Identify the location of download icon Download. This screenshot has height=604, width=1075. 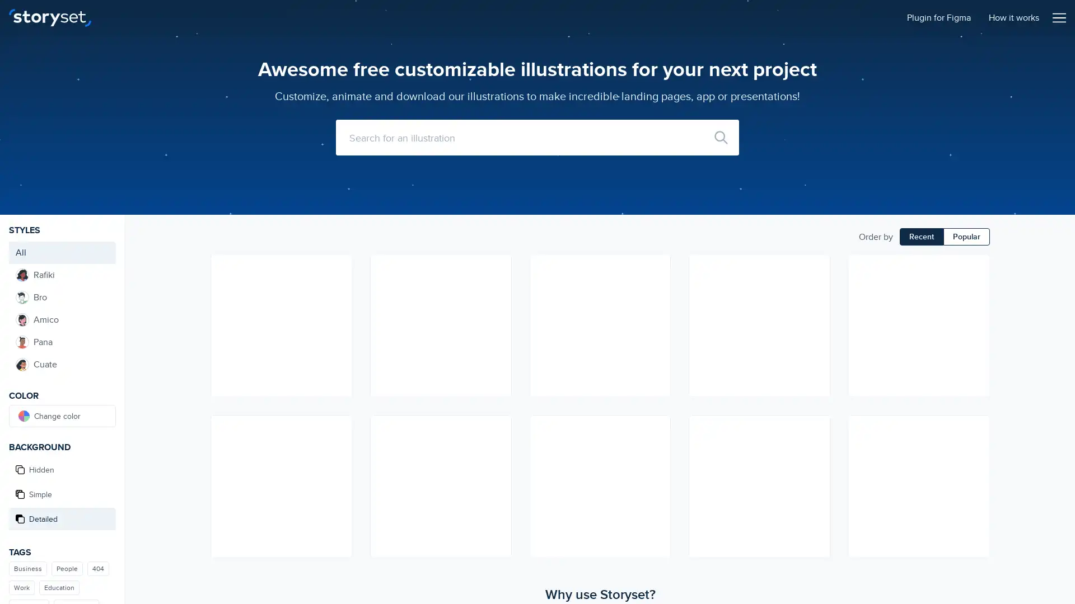
(816, 288).